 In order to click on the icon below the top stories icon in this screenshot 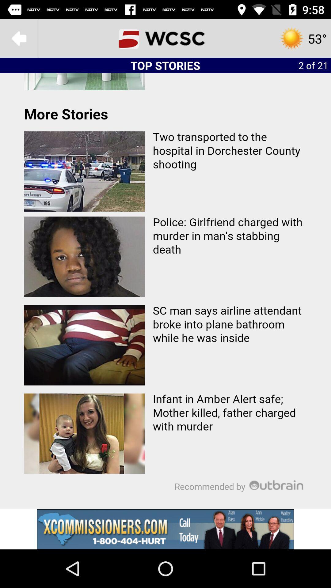, I will do `click(165, 291)`.